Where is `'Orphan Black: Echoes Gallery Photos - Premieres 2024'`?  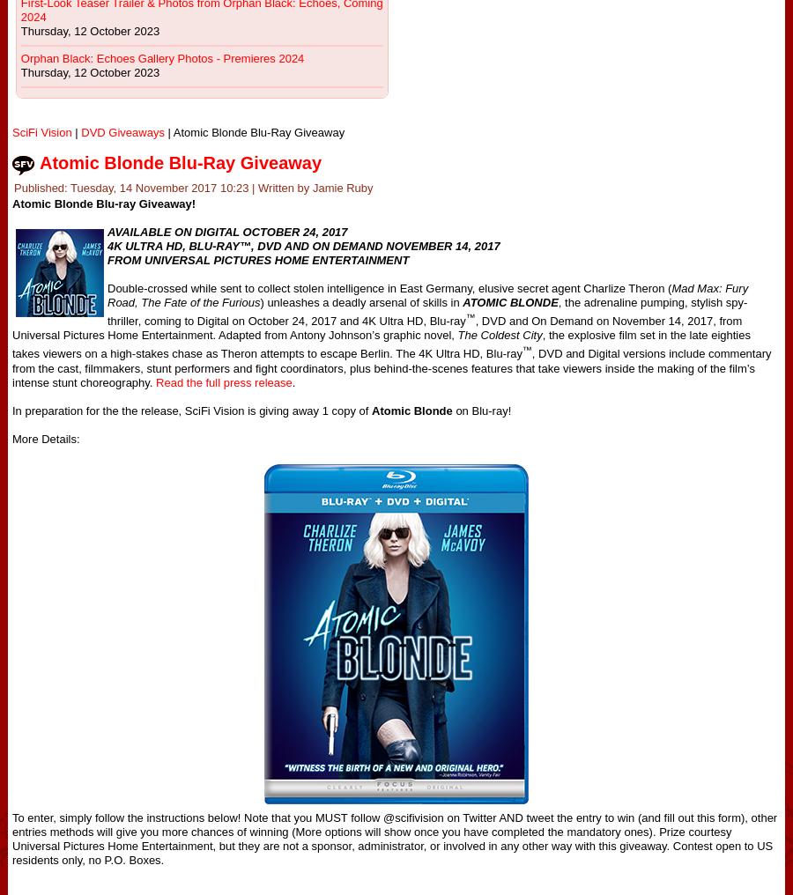
'Orphan Black: Echoes Gallery Photos - Premieres 2024' is located at coordinates (161, 58).